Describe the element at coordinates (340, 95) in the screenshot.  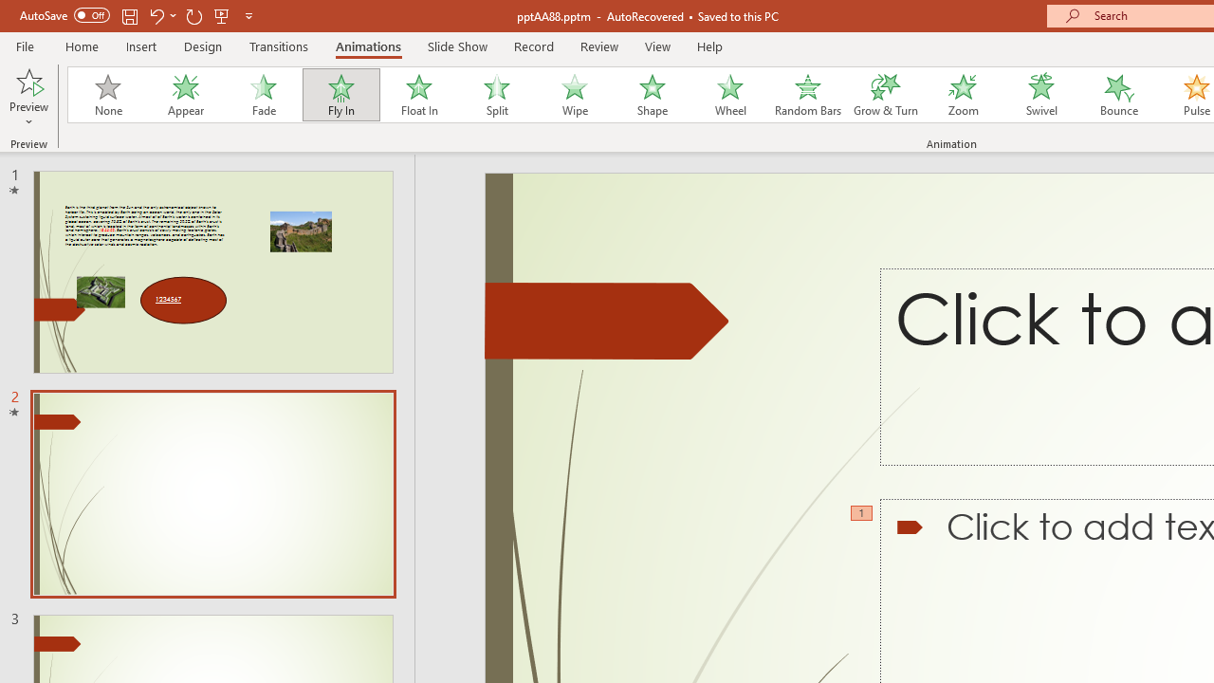
I see `'Fly In'` at that location.